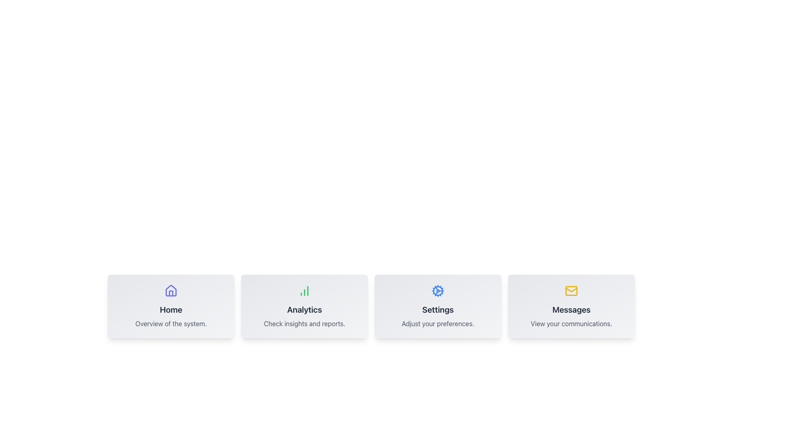  I want to click on the 'Home' SVG Icon, which is located at the top-center of the 'Home' card, positioned above the 'Home' label, so click(170, 290).